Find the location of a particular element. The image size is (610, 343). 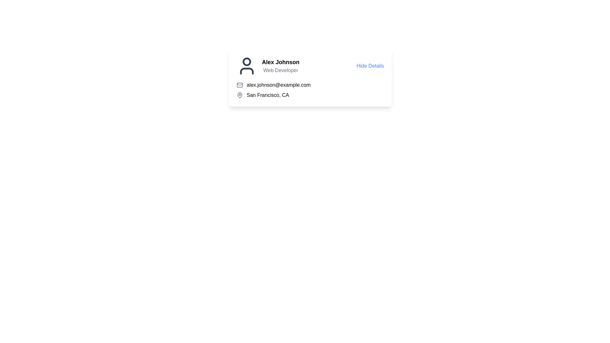

the static text displaying the email address 'alex.johnson@example.com' located in the contact information section is located at coordinates (279, 84).